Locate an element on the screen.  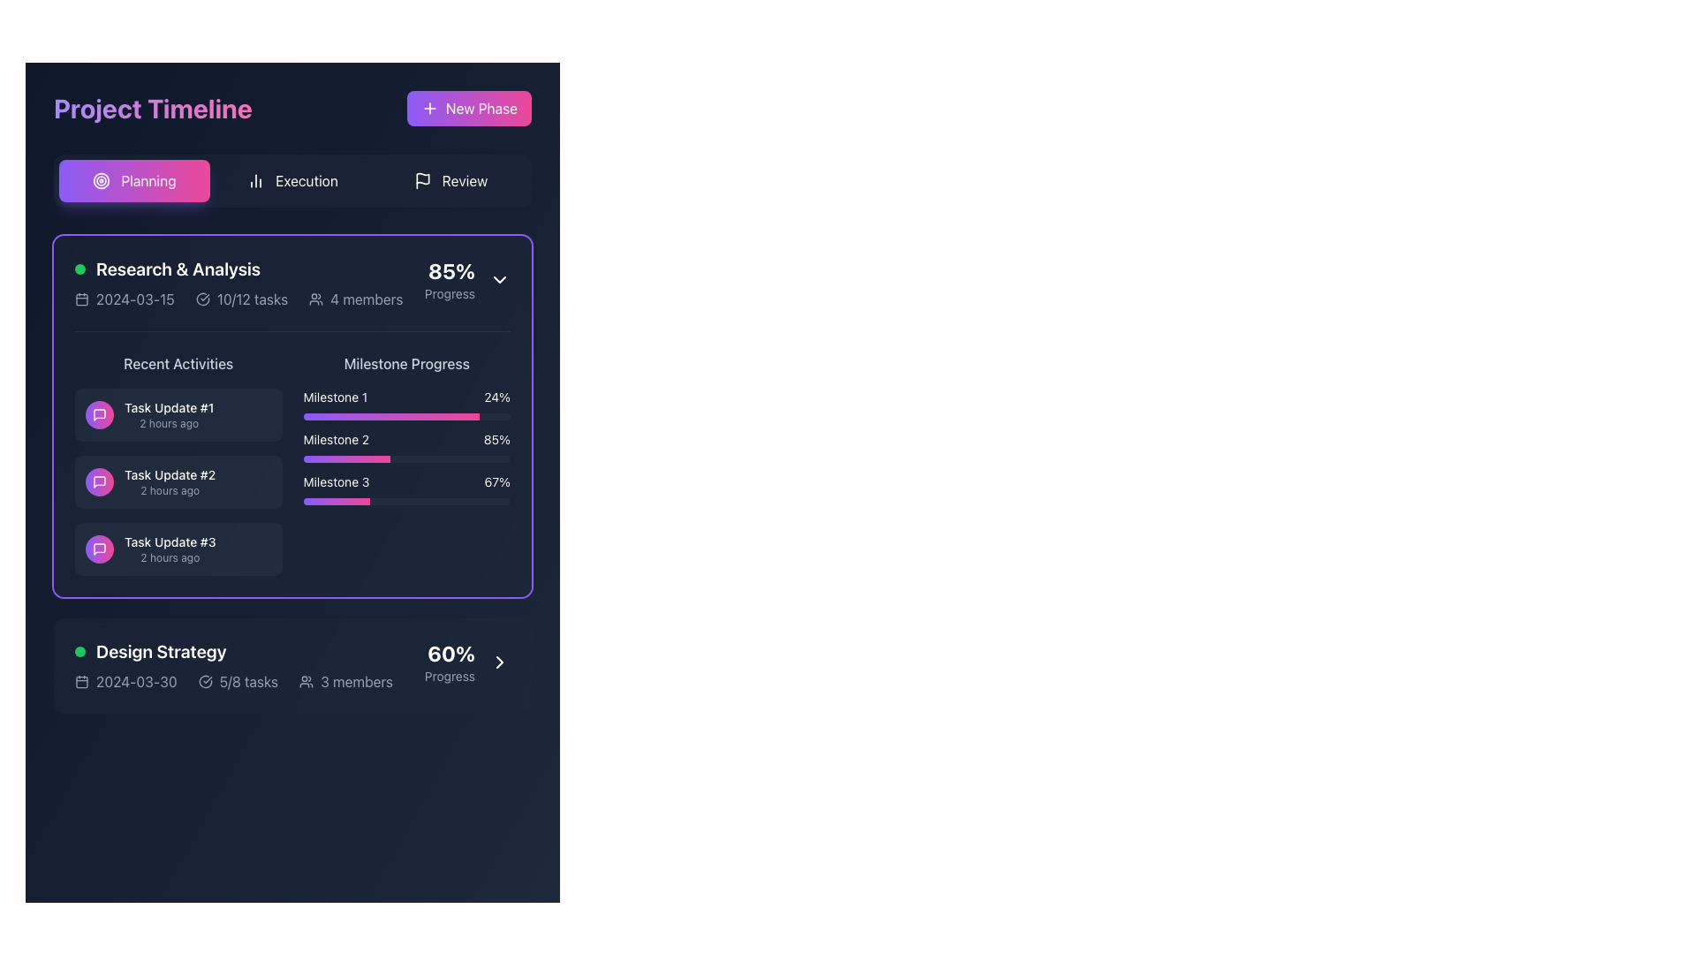
textual content displaying 'Task Update #2' and '2 hours ago' located in the recent activities list under the 'Research & Analysis' section is located at coordinates (170, 482).